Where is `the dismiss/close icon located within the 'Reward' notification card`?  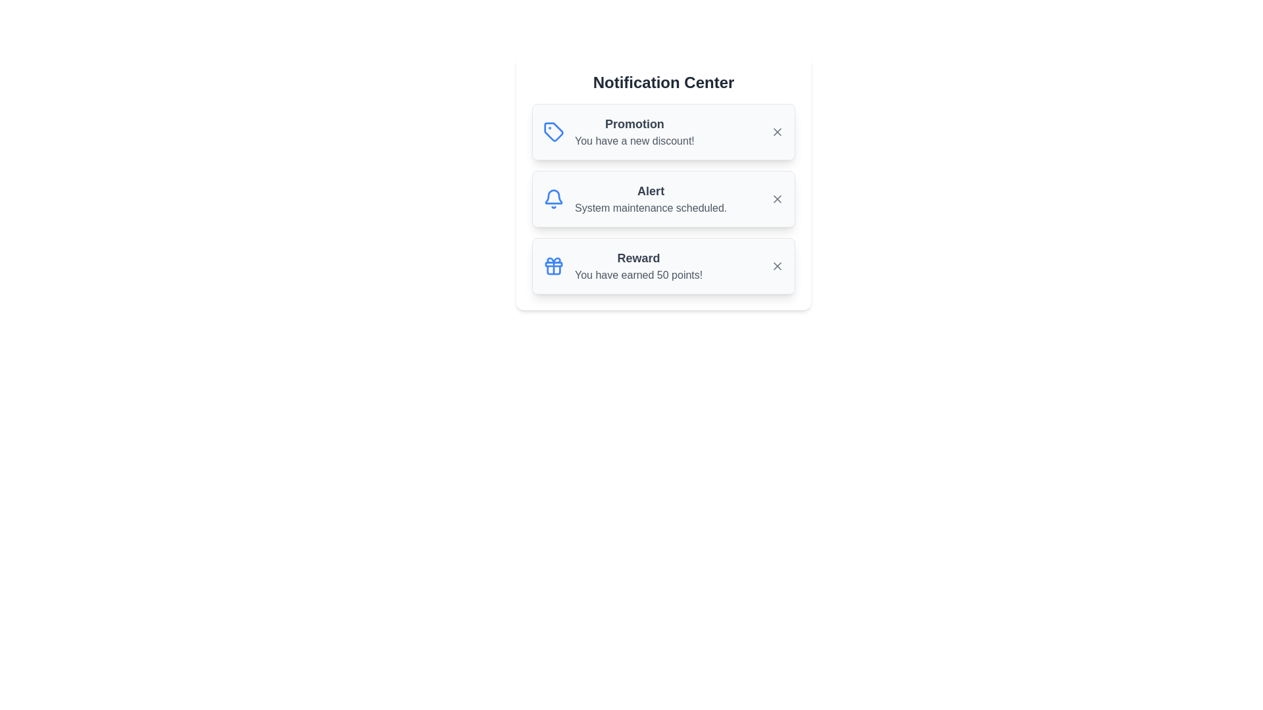 the dismiss/close icon located within the 'Reward' notification card is located at coordinates (777, 266).